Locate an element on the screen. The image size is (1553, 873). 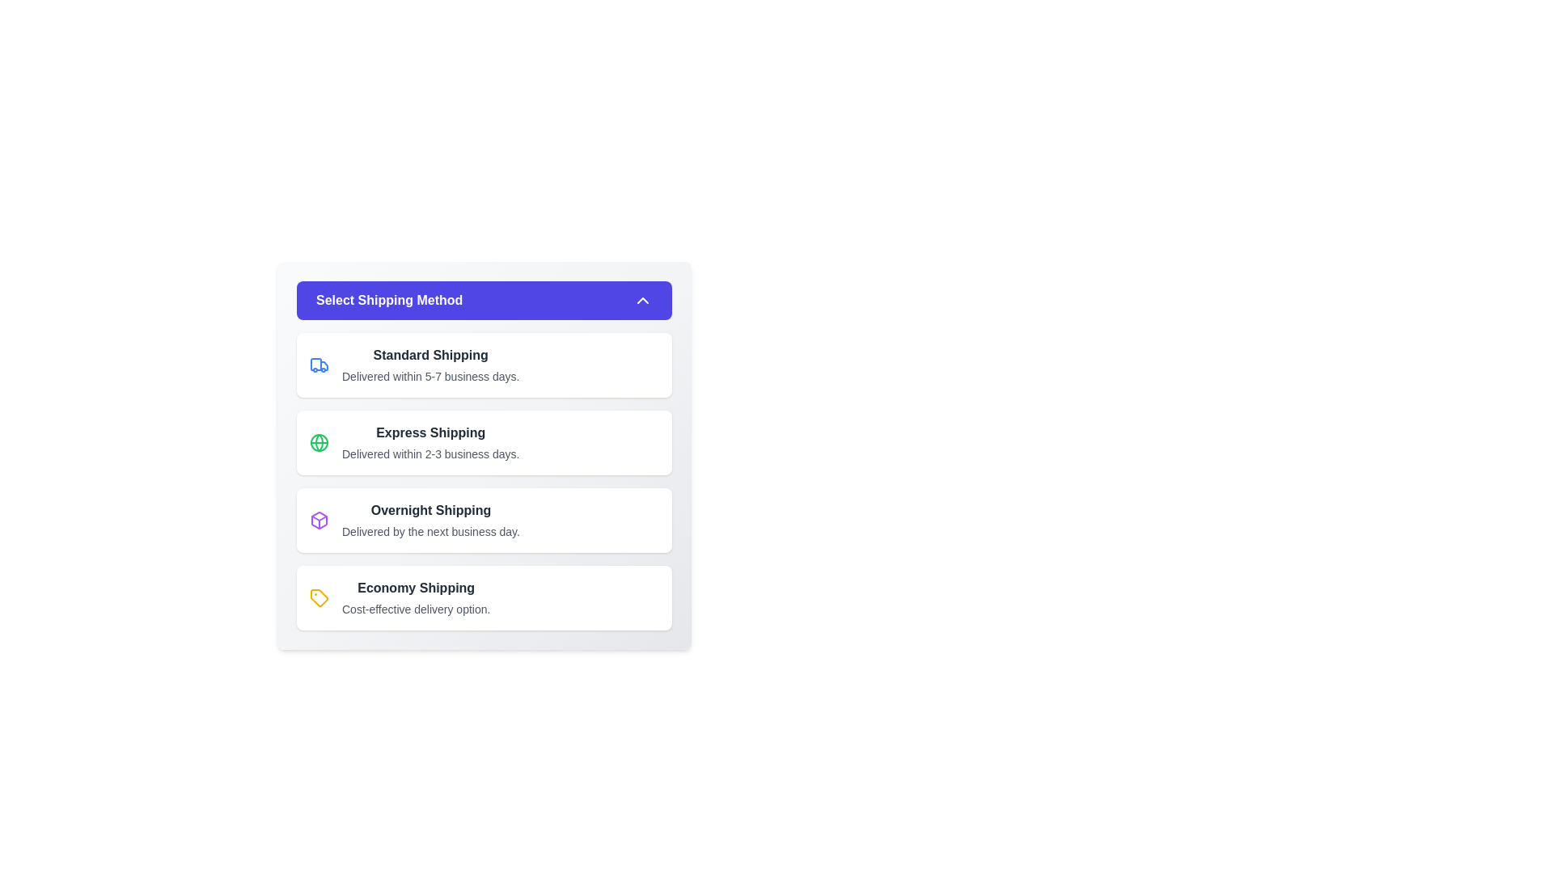
the first selectable shipping method option below the 'Select Shipping Method' header to activate the hover animation is located at coordinates (484, 365).